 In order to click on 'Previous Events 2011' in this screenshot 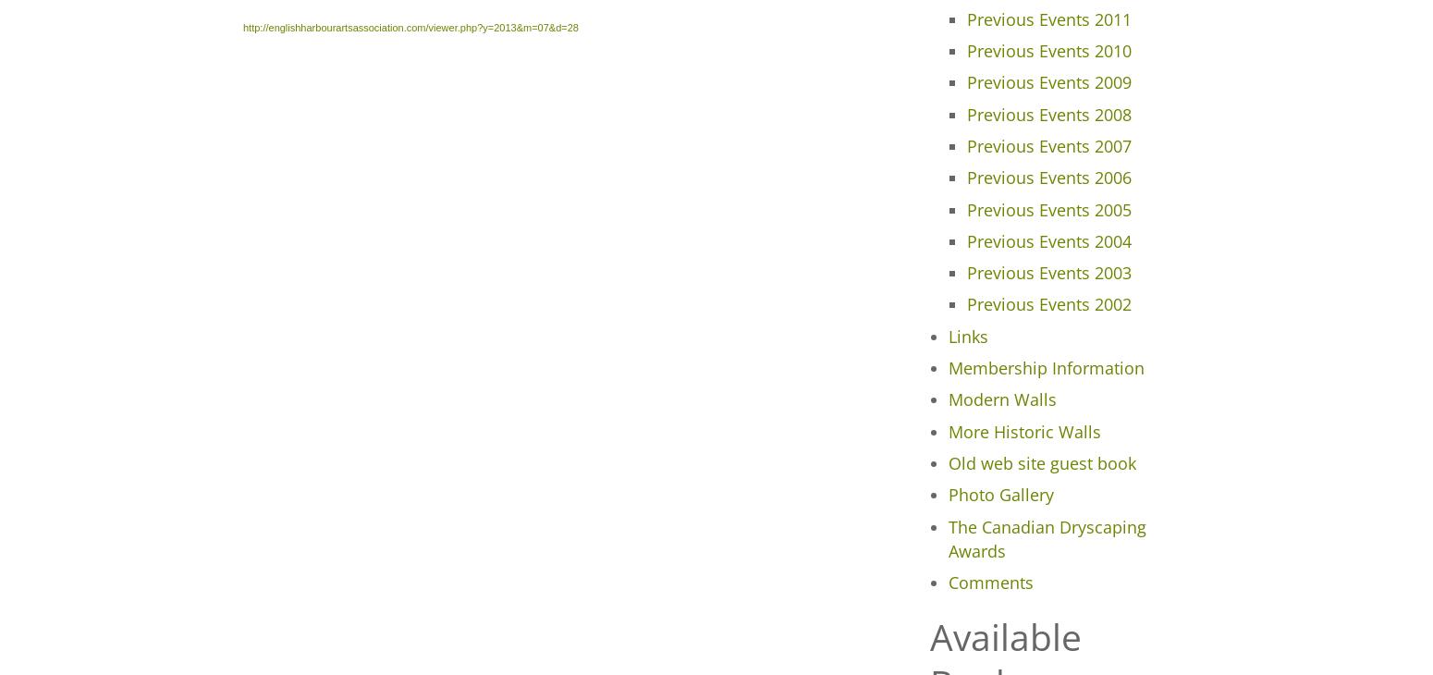, I will do `click(1047, 18)`.